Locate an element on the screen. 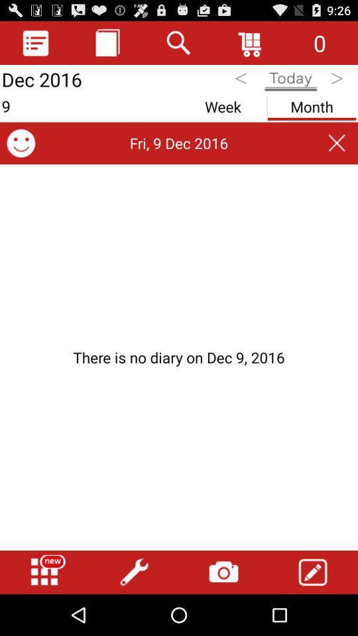 This screenshot has width=358, height=636. search functionality is located at coordinates (179, 42).